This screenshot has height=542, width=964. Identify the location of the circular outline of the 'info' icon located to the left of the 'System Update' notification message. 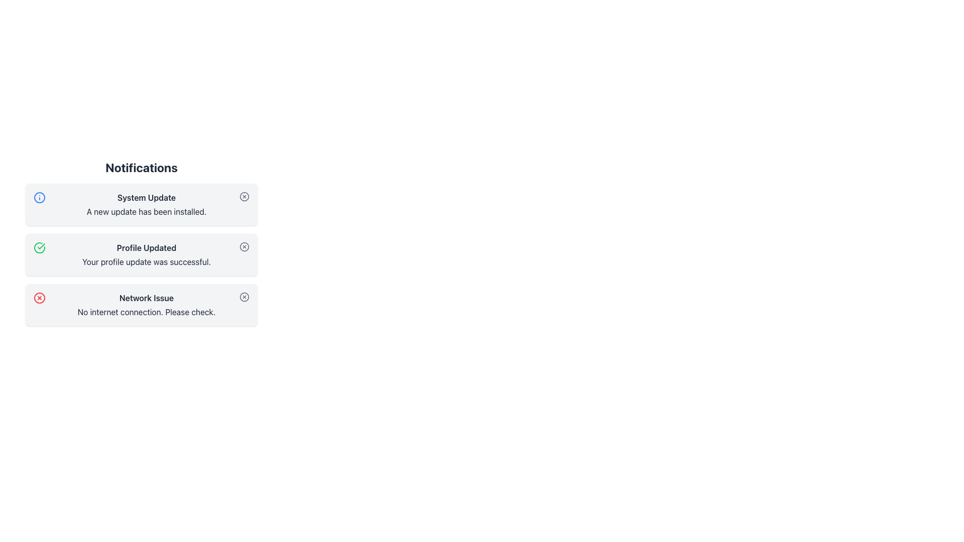
(39, 197).